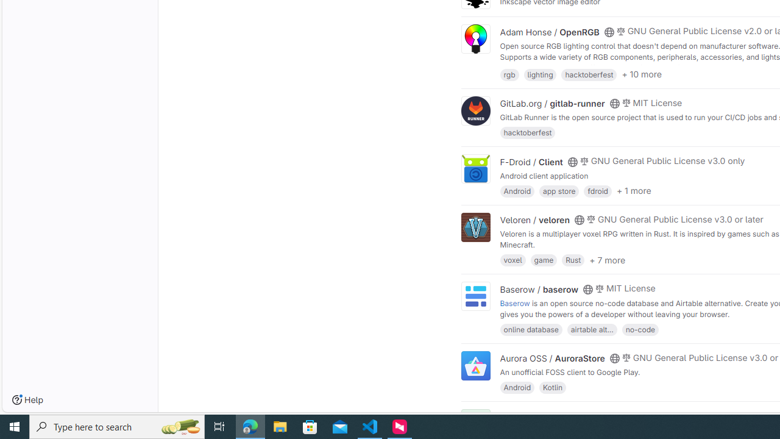 Image resolution: width=780 pixels, height=439 pixels. Describe the element at coordinates (475, 365) in the screenshot. I see `'Class: project'` at that location.